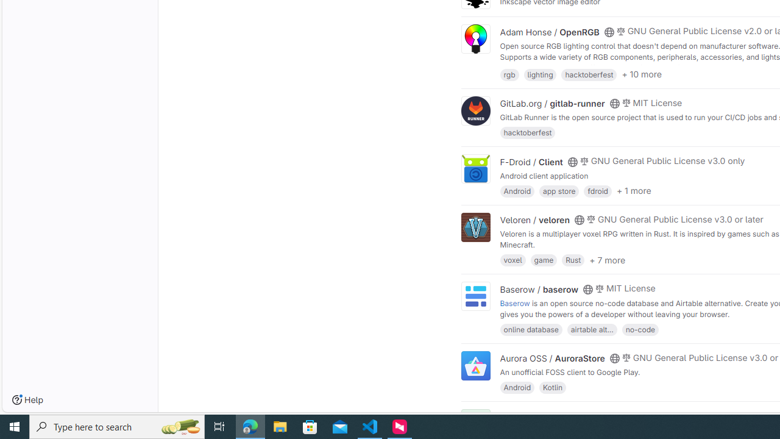 Image resolution: width=780 pixels, height=439 pixels. Describe the element at coordinates (475, 365) in the screenshot. I see `'Class: project'` at that location.